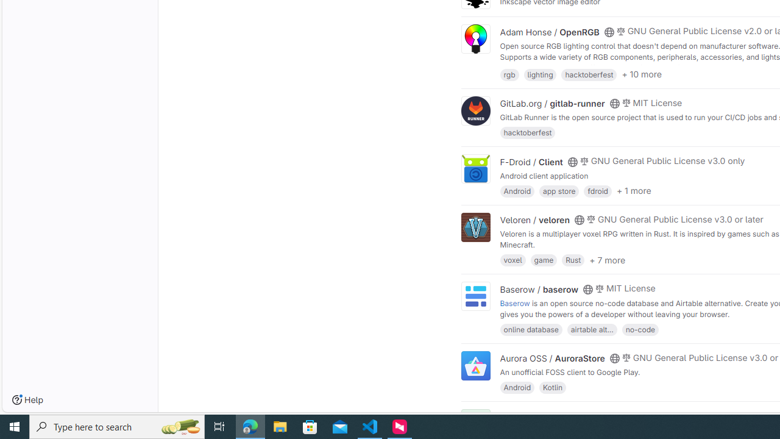 Image resolution: width=780 pixels, height=439 pixels. Describe the element at coordinates (475, 365) in the screenshot. I see `'Class: project'` at that location.